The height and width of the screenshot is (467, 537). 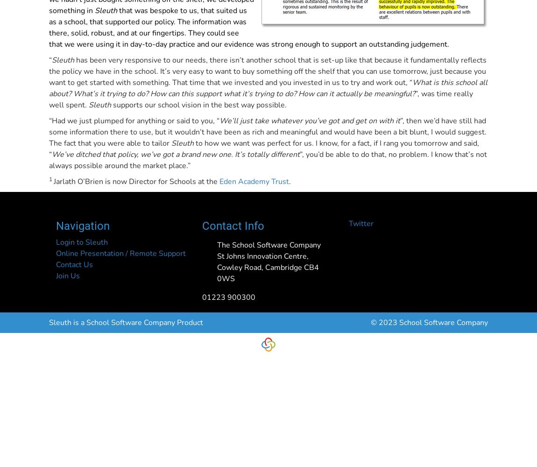 What do you see at coordinates (48, 121) in the screenshot?
I see `'“Had we just plumped for anything or said to you, “'` at bounding box center [48, 121].